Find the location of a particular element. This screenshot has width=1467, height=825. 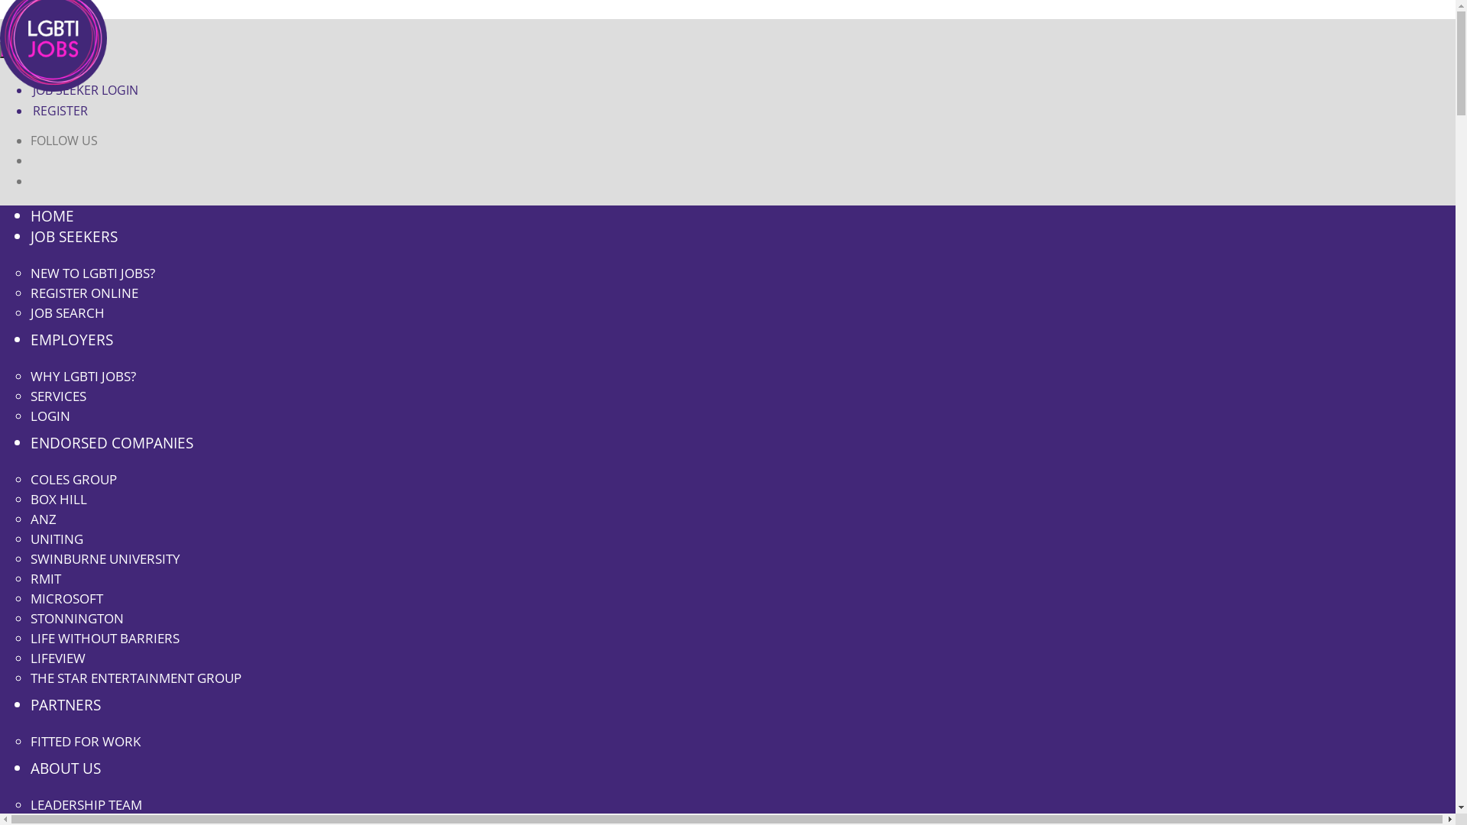

'ANZ' is located at coordinates (44, 518).